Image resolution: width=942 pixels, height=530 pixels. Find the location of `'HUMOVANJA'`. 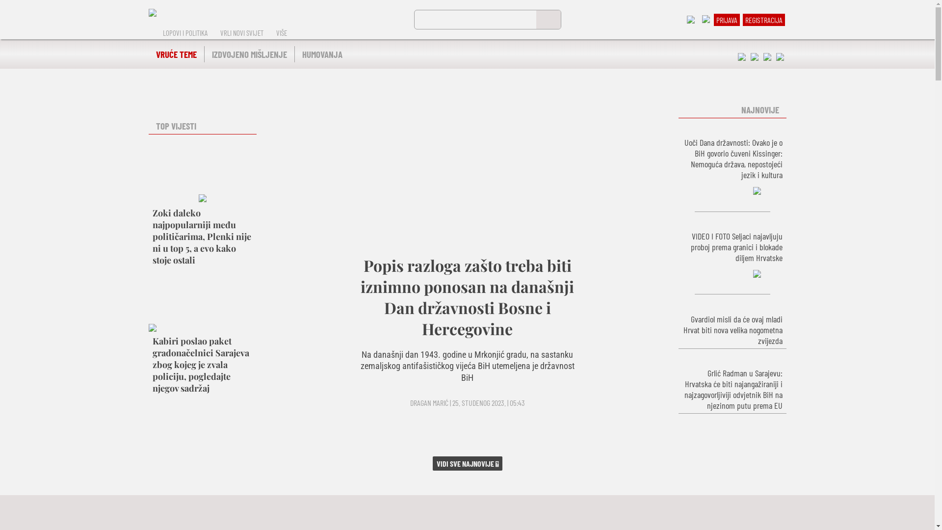

'HUMOVANJA' is located at coordinates (294, 54).